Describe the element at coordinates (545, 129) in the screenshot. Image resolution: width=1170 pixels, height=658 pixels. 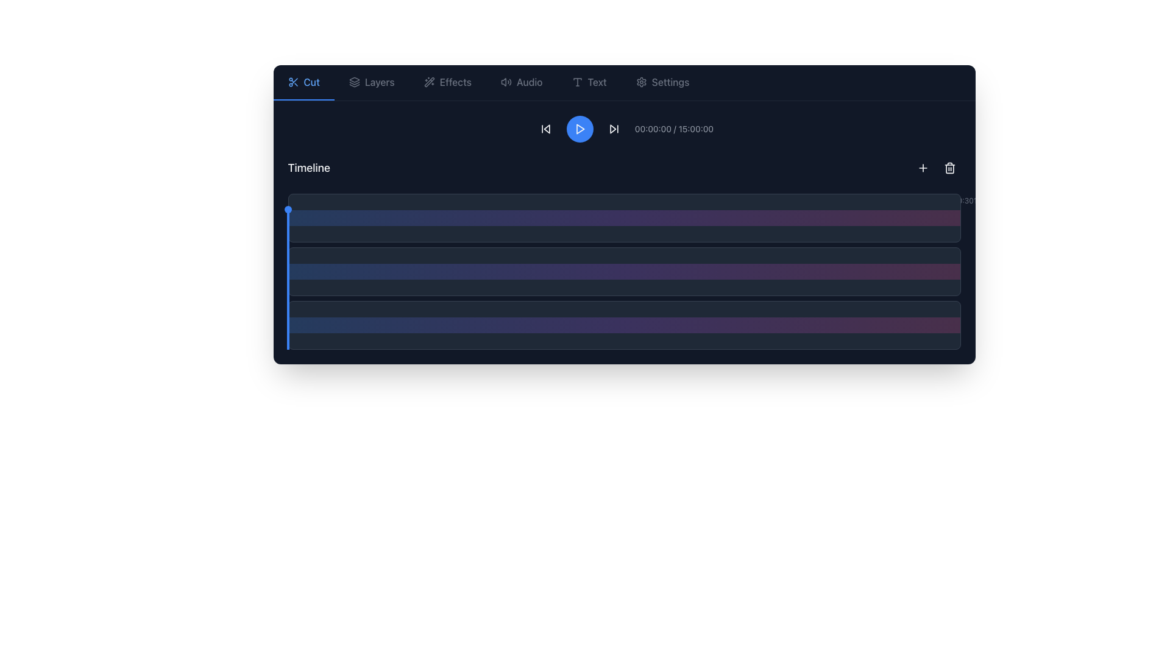
I see `the skip-backward button located at the top center of the interface, which is the first button in the media control row to the left of the blue play button` at that location.